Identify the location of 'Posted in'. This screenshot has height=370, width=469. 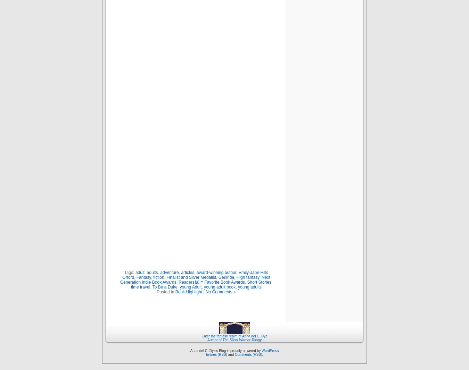
(165, 291).